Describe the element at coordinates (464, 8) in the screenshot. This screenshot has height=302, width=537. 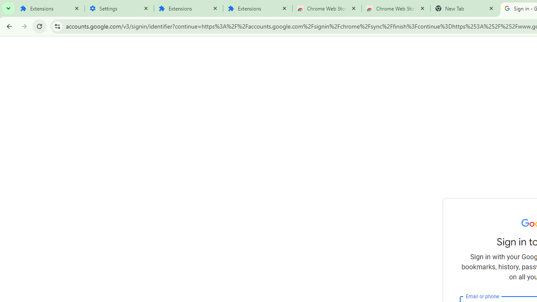
I see `'New Tab'` at that location.